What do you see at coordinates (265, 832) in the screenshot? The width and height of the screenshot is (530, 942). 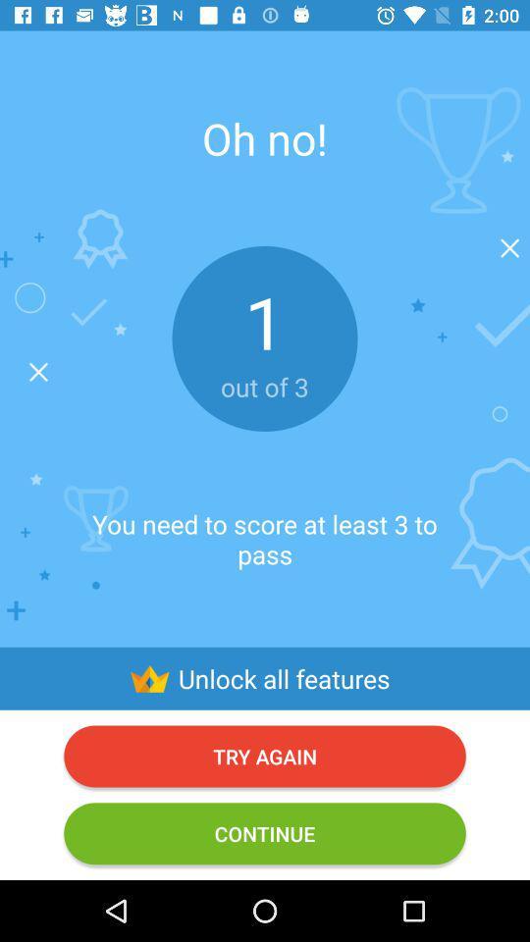 I see `the icon below the try again item` at bounding box center [265, 832].